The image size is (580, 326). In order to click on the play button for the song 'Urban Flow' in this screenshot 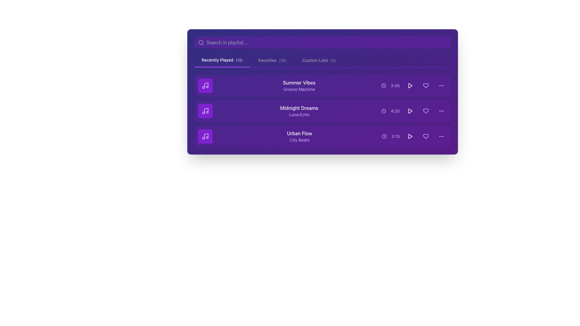, I will do `click(410, 136)`.